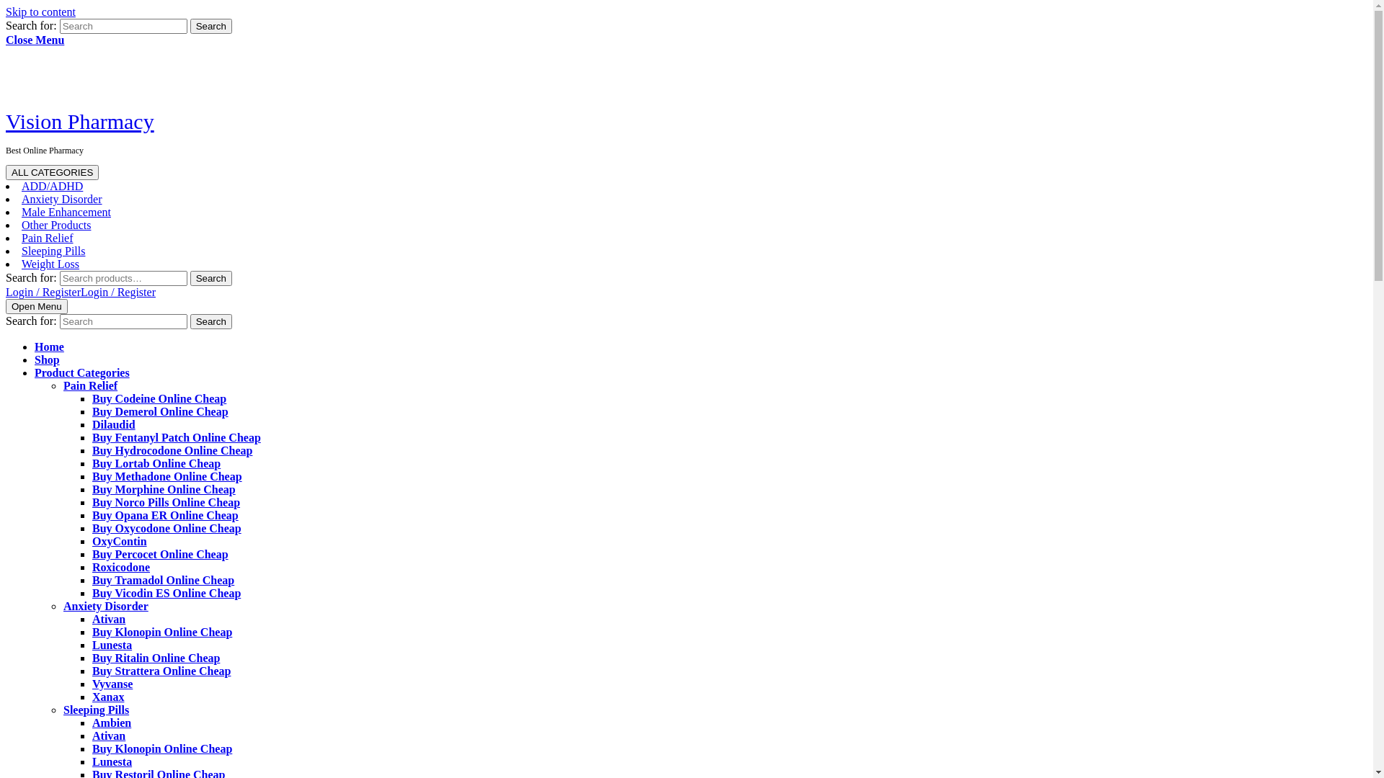  I want to click on 'Buy Ritalin Online Cheap', so click(92, 658).